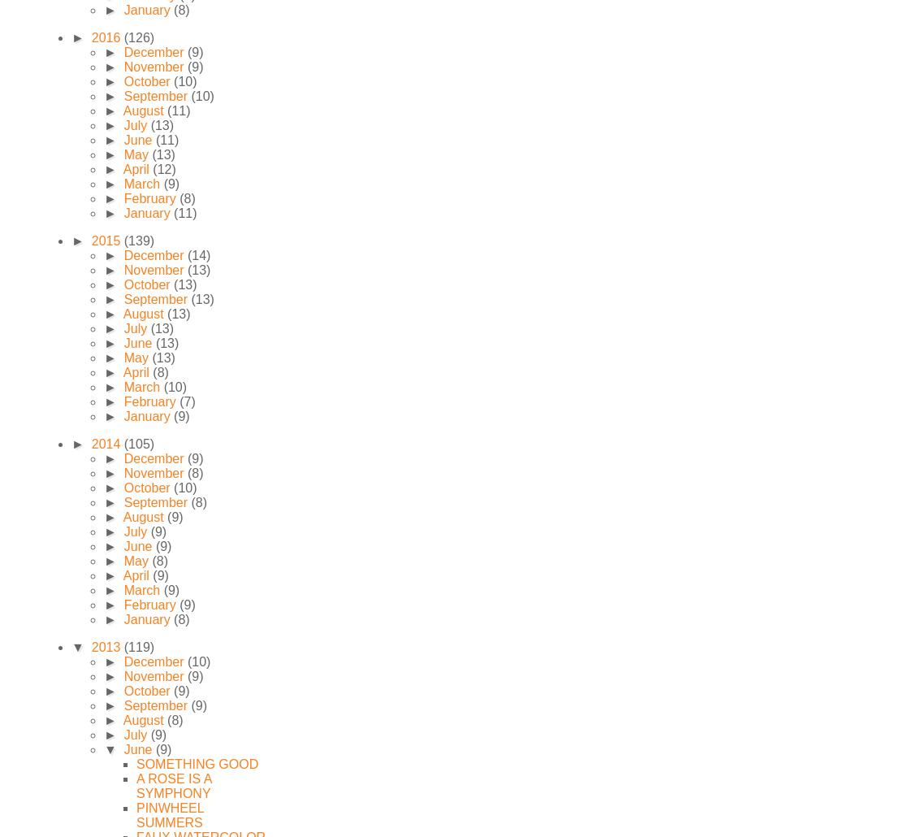  Describe the element at coordinates (187, 401) in the screenshot. I see `'(7)'` at that location.